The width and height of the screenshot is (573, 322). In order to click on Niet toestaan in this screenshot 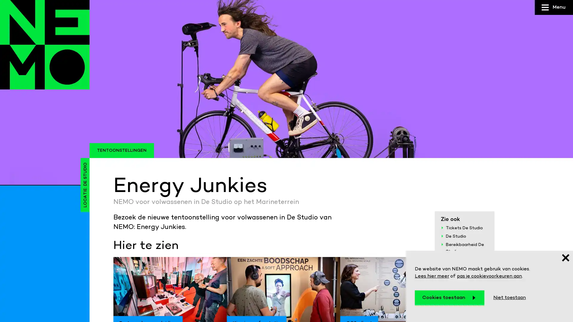, I will do `click(509, 298)`.